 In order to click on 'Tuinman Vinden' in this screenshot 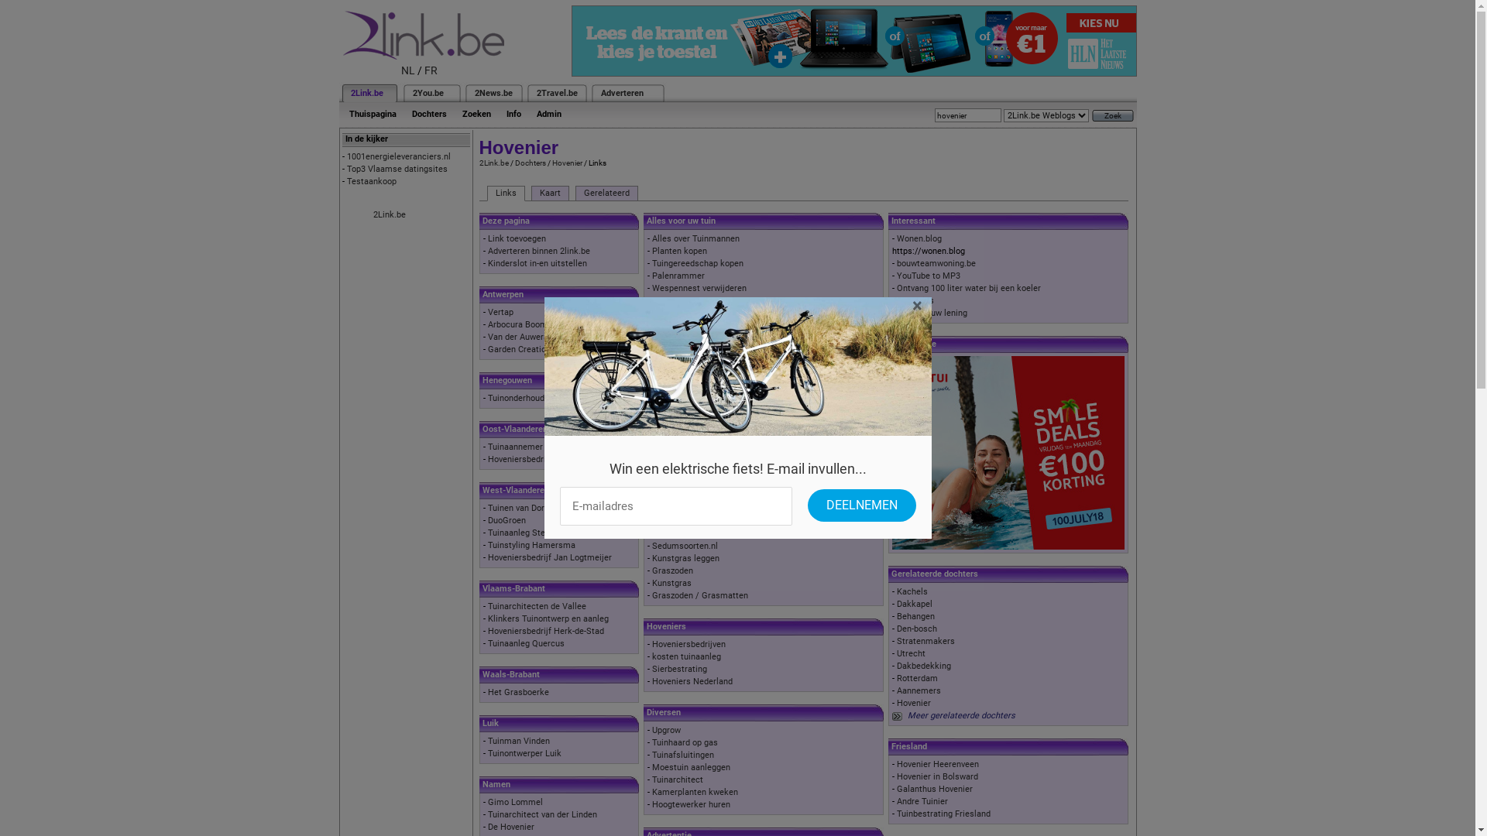, I will do `click(519, 740)`.